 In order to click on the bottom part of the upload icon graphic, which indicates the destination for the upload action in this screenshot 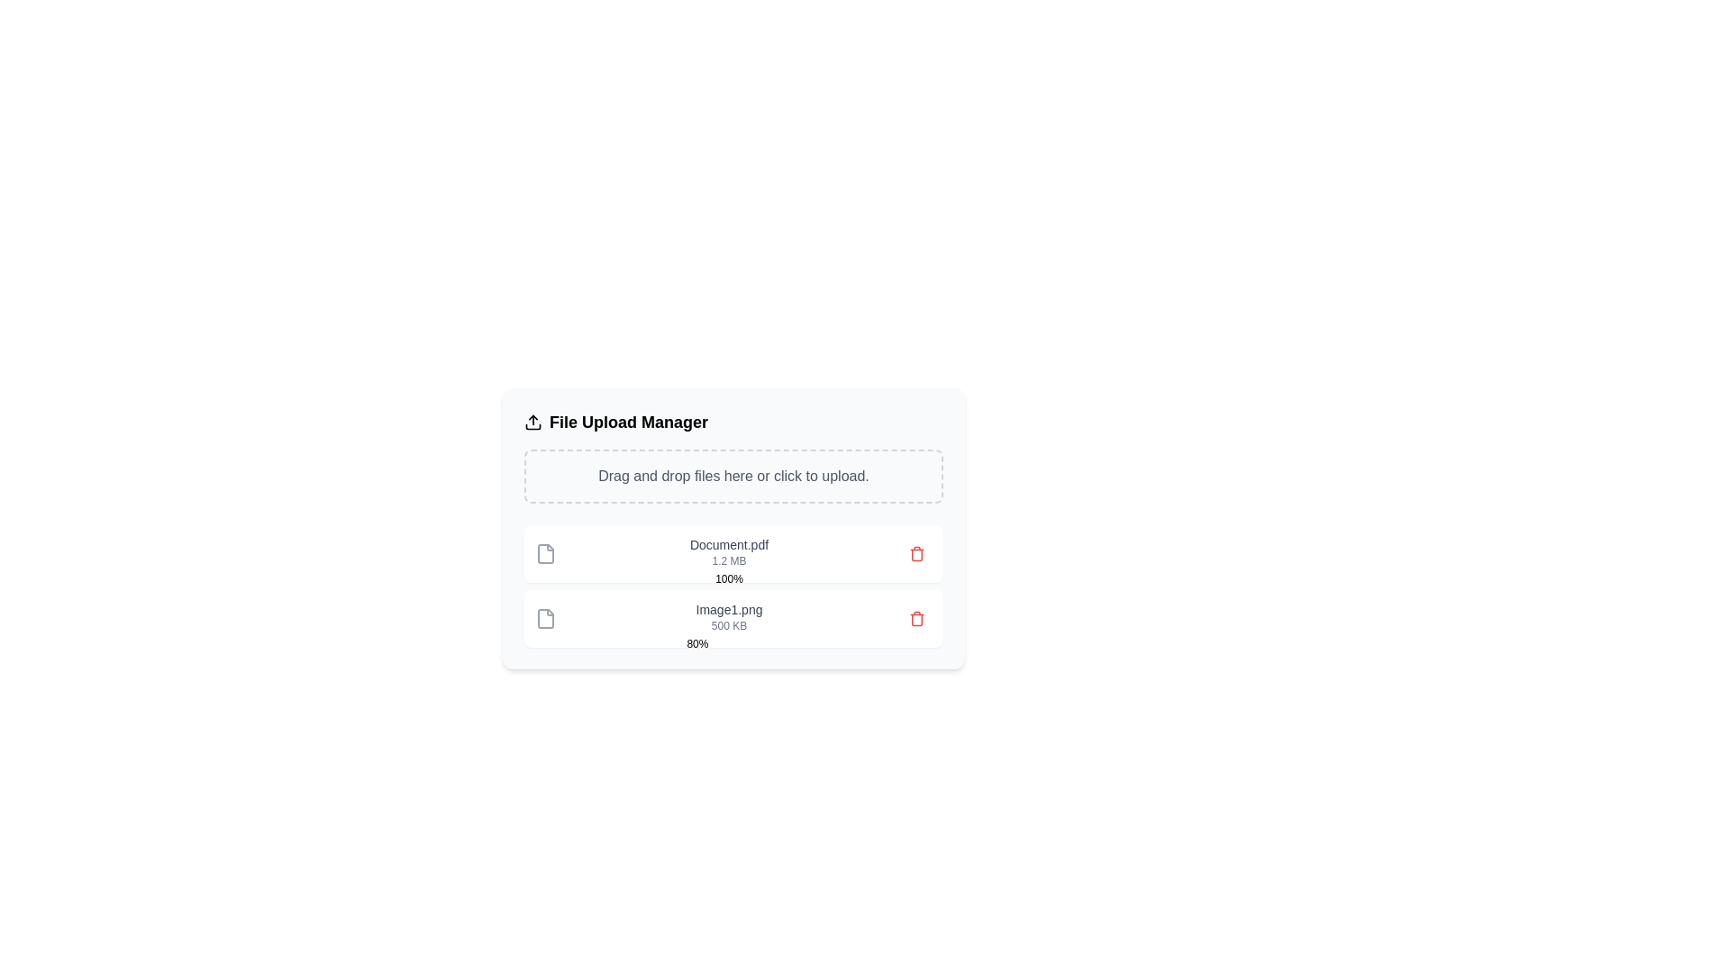, I will do `click(532, 427)`.